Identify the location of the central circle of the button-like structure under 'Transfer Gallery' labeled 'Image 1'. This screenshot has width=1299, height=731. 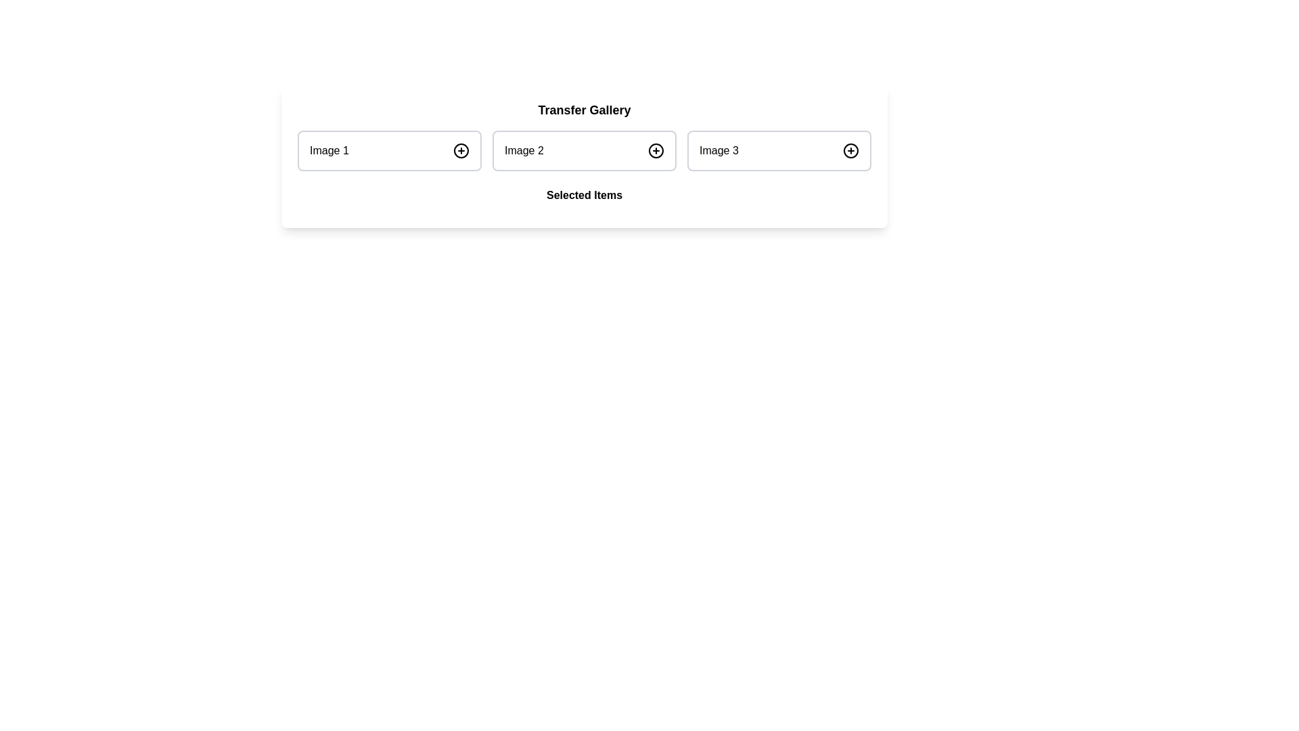
(461, 151).